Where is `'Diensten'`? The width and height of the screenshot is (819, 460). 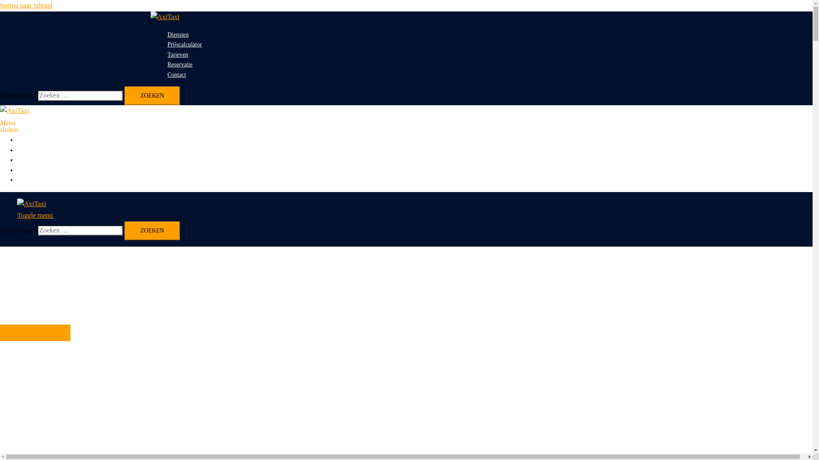 'Diensten' is located at coordinates (17, 139).